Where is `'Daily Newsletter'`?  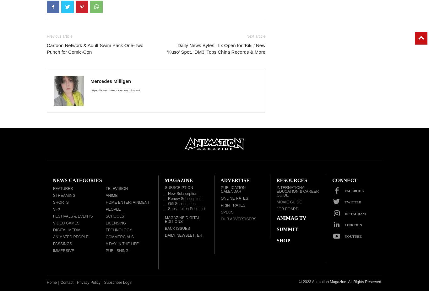 'Daily Newsletter' is located at coordinates (165, 235).